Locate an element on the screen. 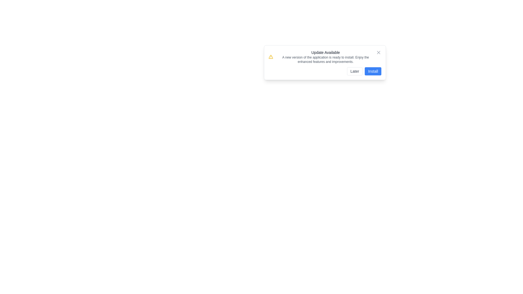 This screenshot has height=294, width=523. the Close icon represented by an 'X' shape in the top-right corner of the dialog box containing 'Update Available' is located at coordinates (378, 52).